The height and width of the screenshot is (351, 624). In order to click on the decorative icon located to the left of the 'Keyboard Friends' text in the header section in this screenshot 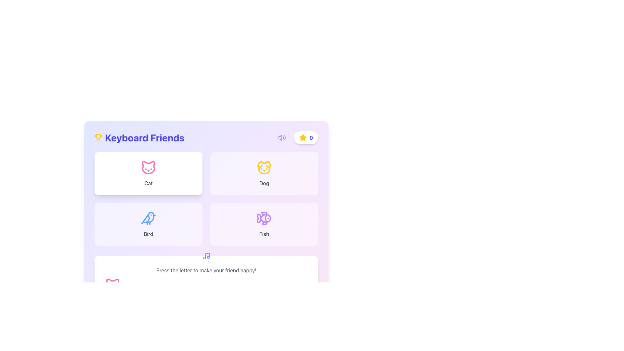, I will do `click(98, 137)`.